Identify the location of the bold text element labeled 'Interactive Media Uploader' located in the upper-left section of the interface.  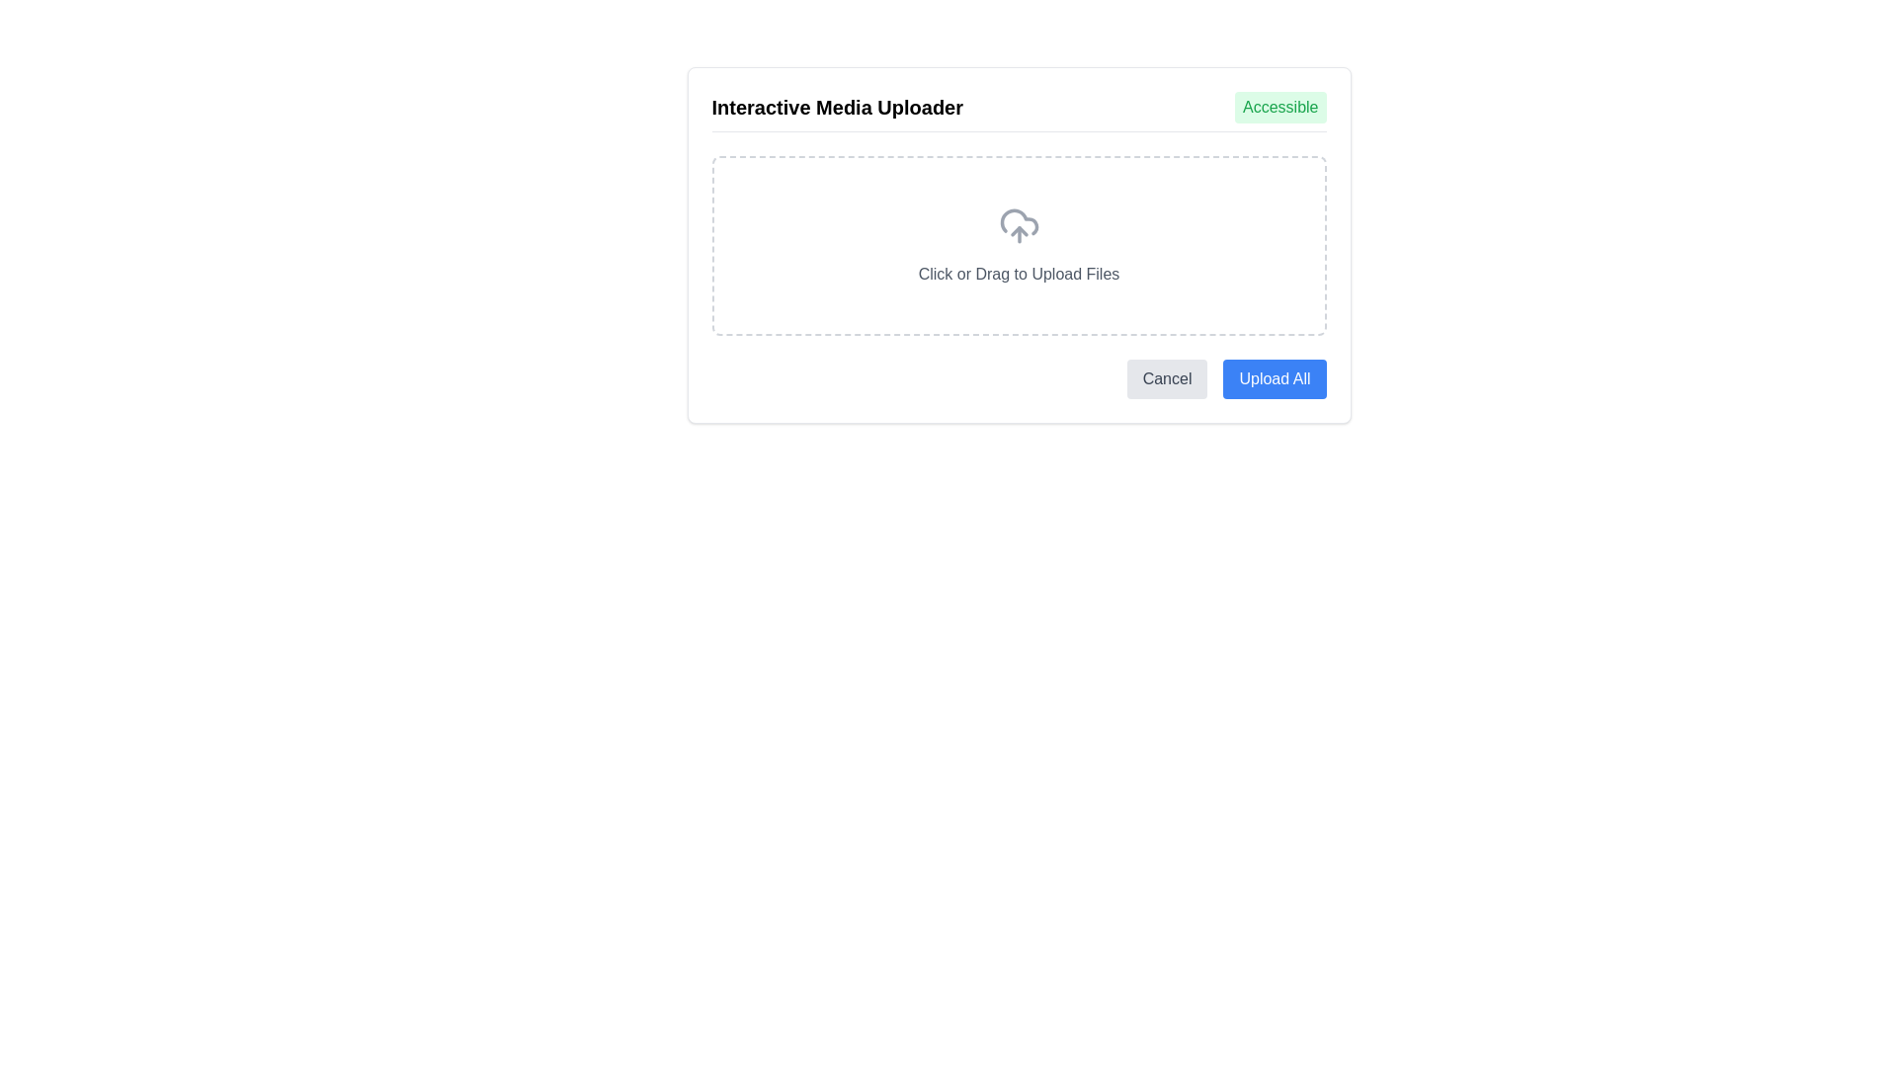
(837, 107).